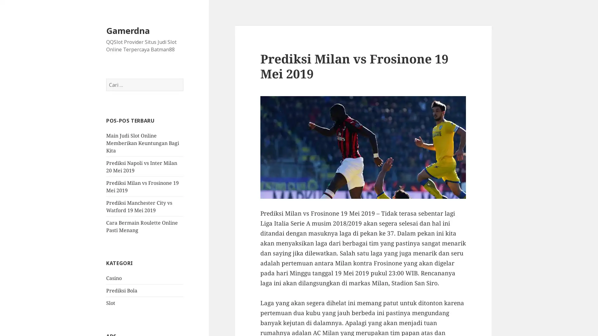  I want to click on Cari, so click(183, 78).